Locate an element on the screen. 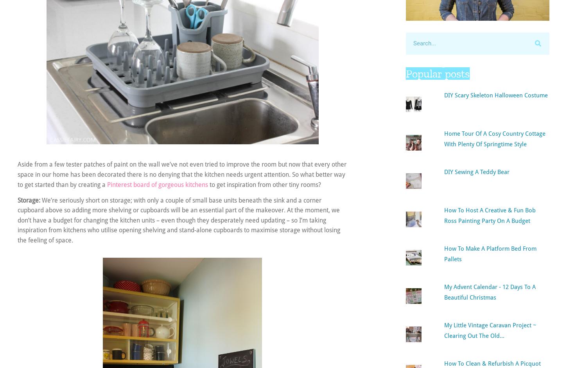 Image resolution: width=567 pixels, height=368 pixels. 'Home tour of a cosy country cottage with plenty of springtime style' is located at coordinates (494, 138).